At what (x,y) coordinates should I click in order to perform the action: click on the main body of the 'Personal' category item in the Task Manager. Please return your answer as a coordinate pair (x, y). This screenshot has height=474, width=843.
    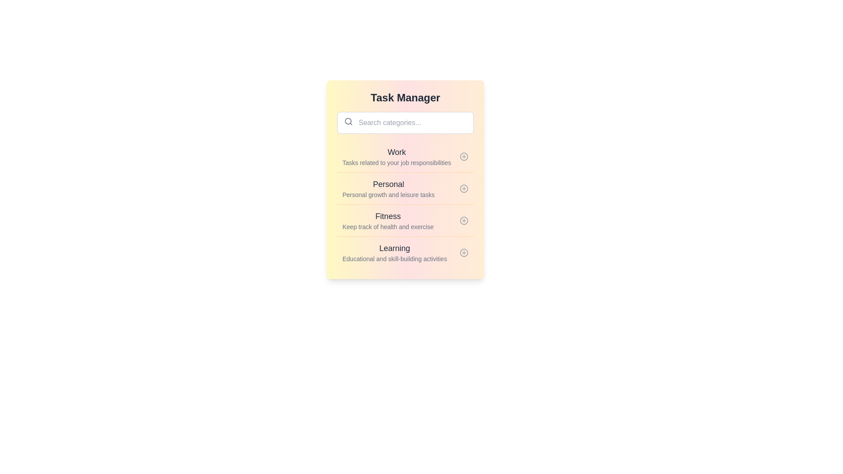
    Looking at the image, I should click on (405, 188).